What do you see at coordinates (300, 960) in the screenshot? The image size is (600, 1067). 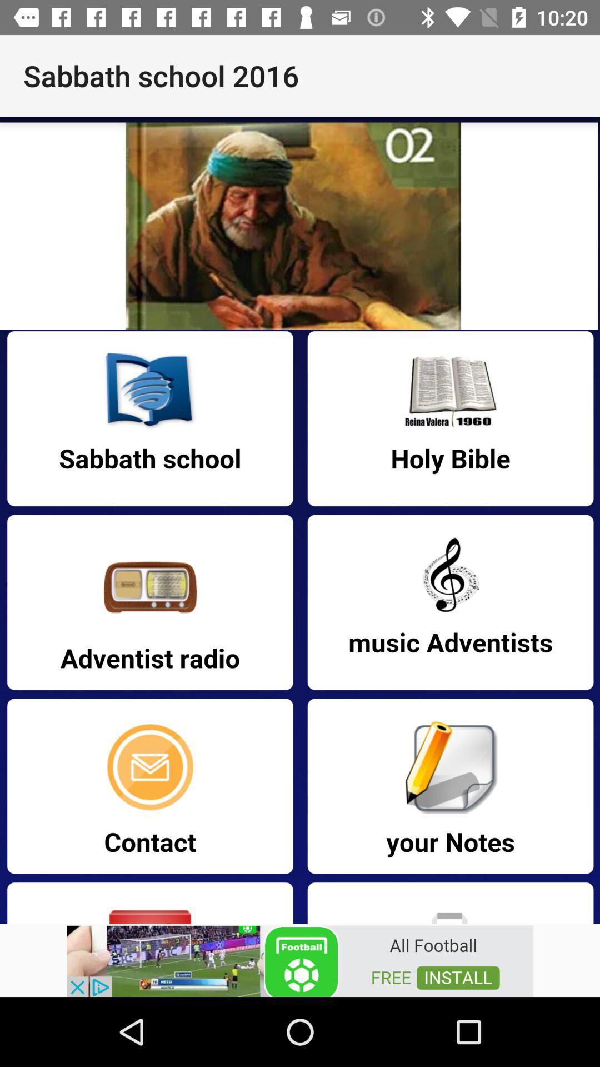 I see `option` at bounding box center [300, 960].